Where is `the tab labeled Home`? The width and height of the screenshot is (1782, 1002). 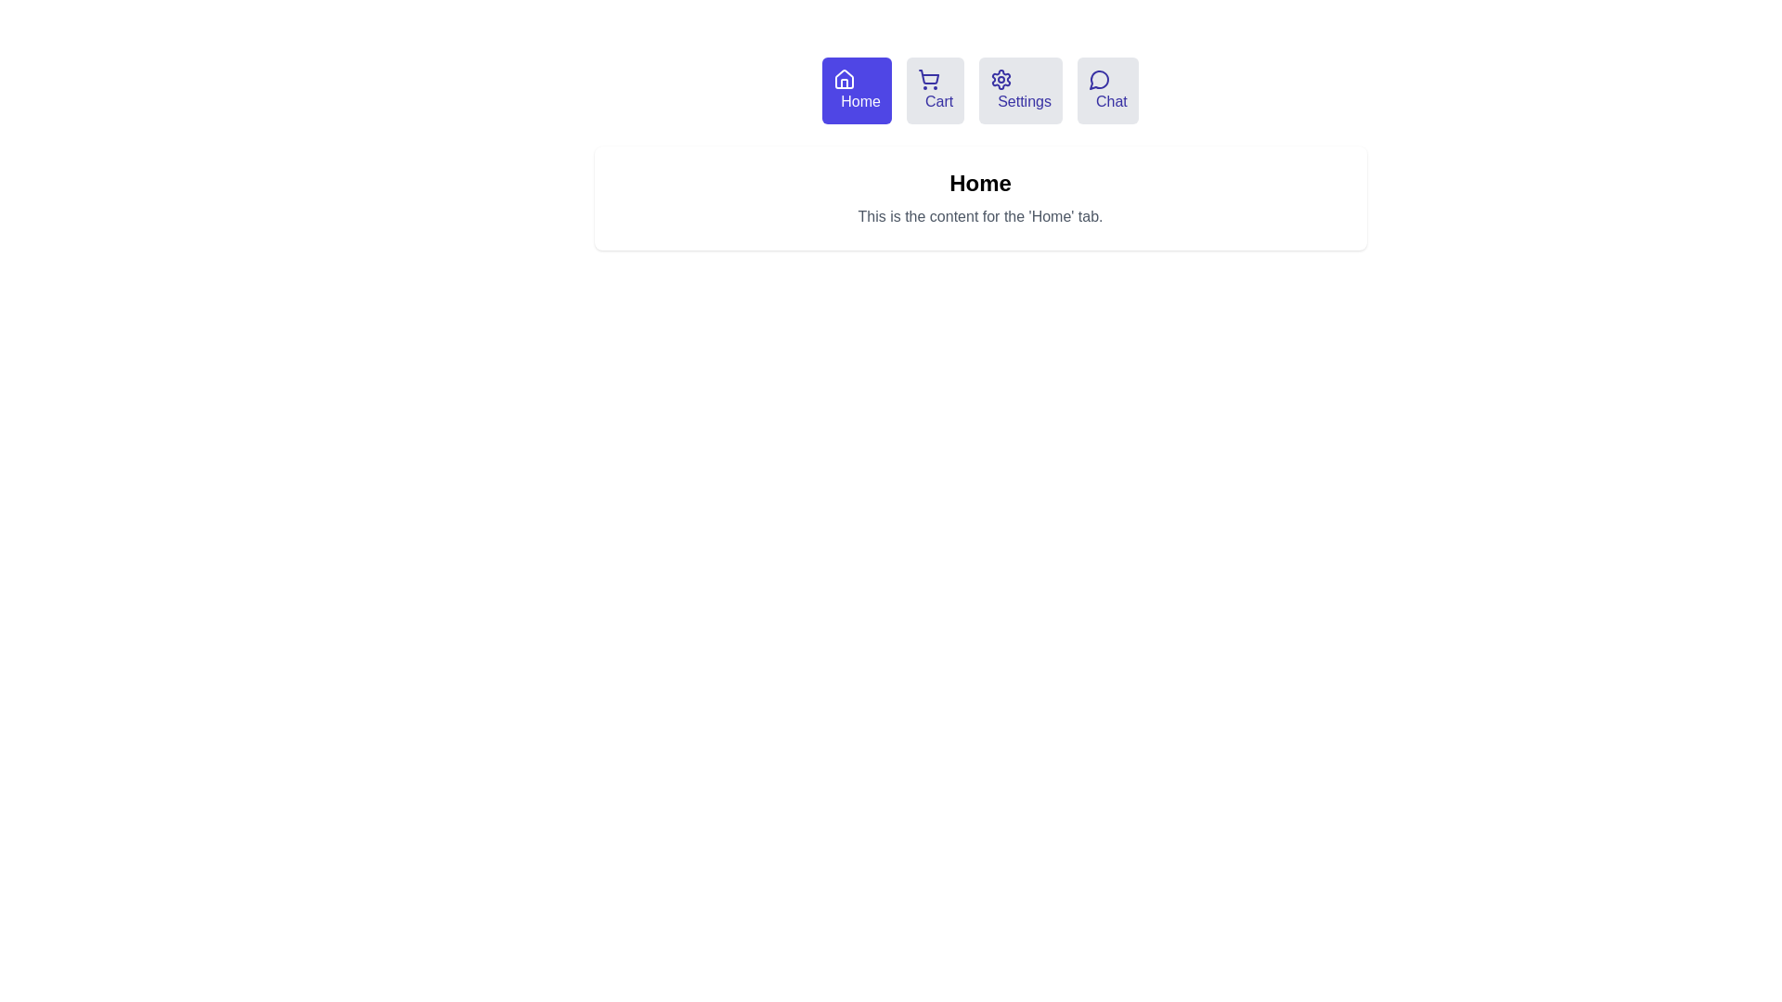 the tab labeled Home is located at coordinates (856, 90).